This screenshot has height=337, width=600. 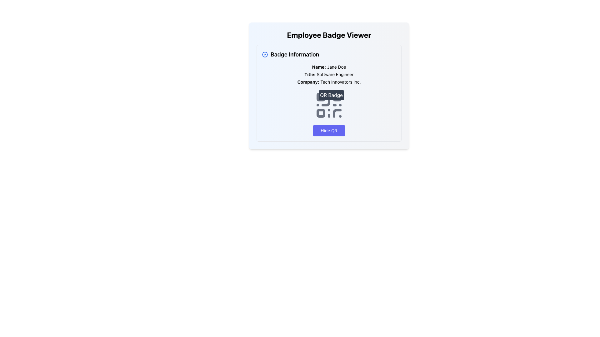 What do you see at coordinates (310, 74) in the screenshot?
I see `the Text Label that indicates the title of the individual, located centrally within the interface above the 'Software Engineer' text and below 'Name: Jane Doe'` at bounding box center [310, 74].